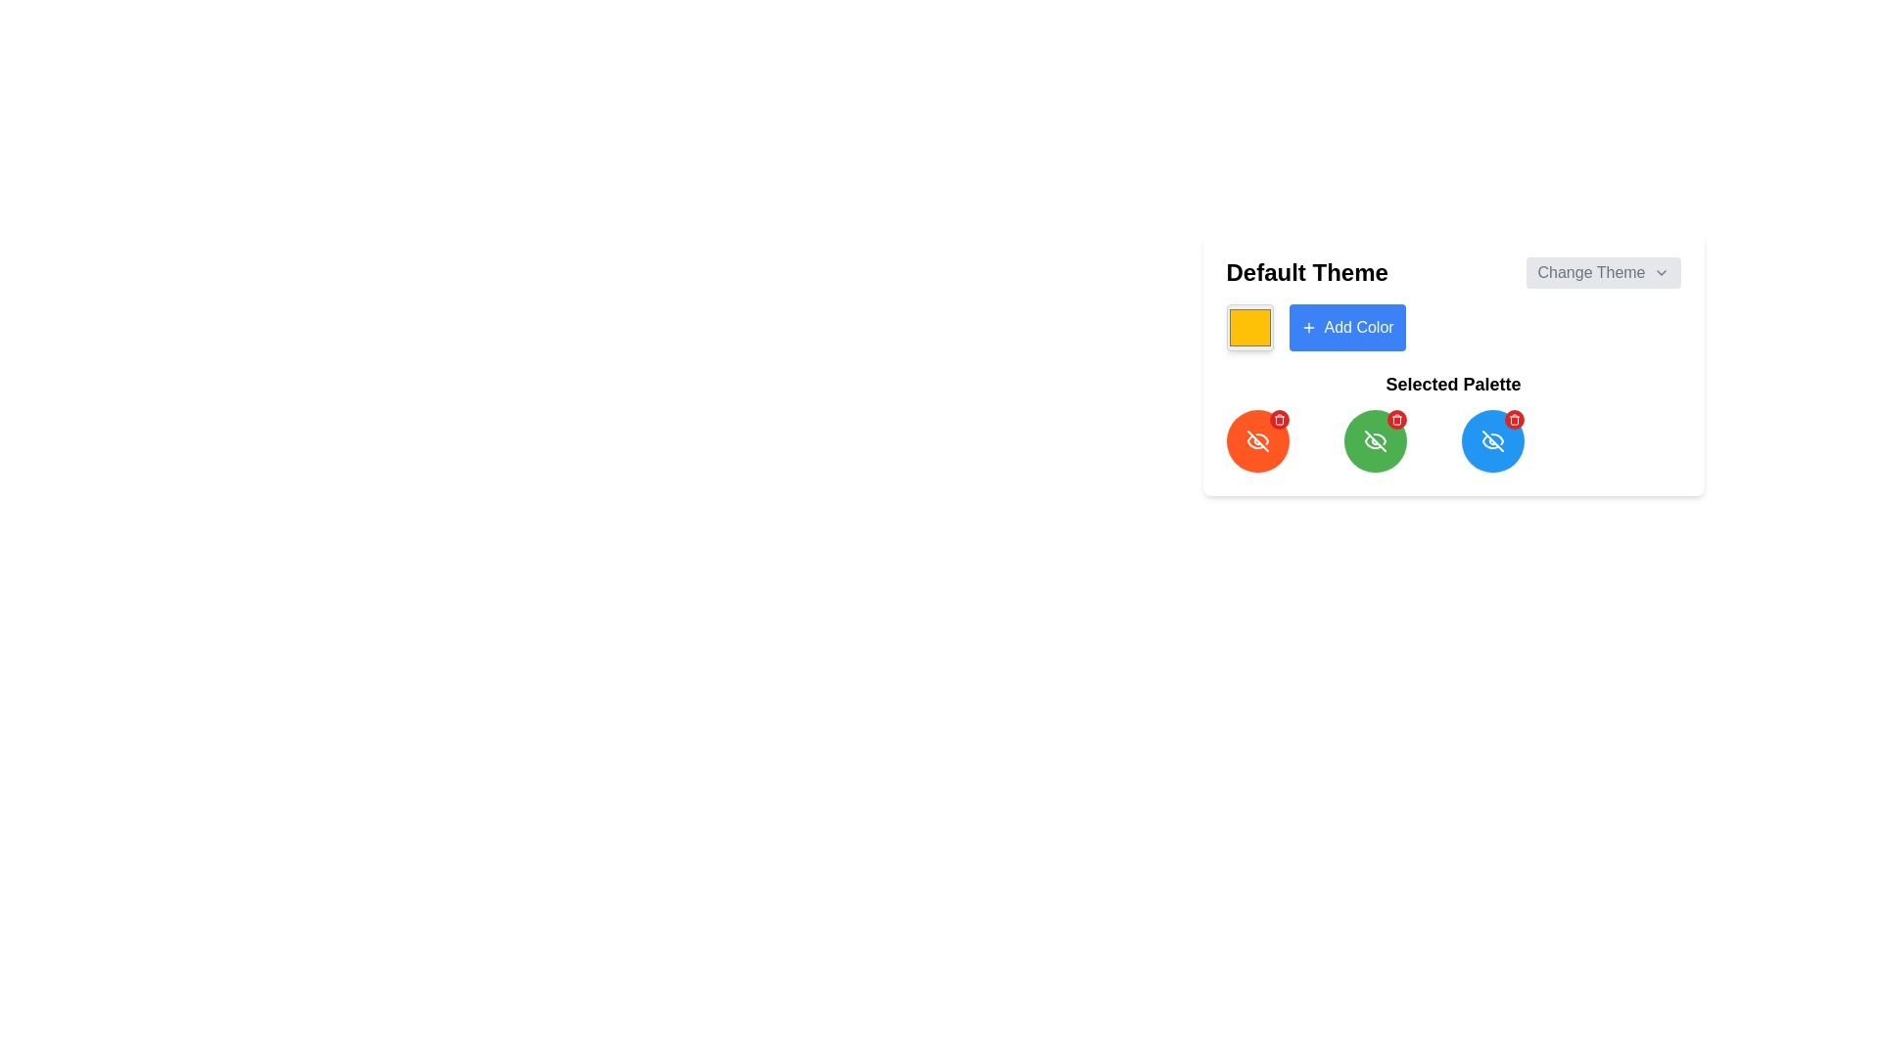  What do you see at coordinates (1279, 418) in the screenshot?
I see `the small red circular button with a white trash icon located at the top-right corner of the orange circular background in the 'Selected Palette' section` at bounding box center [1279, 418].